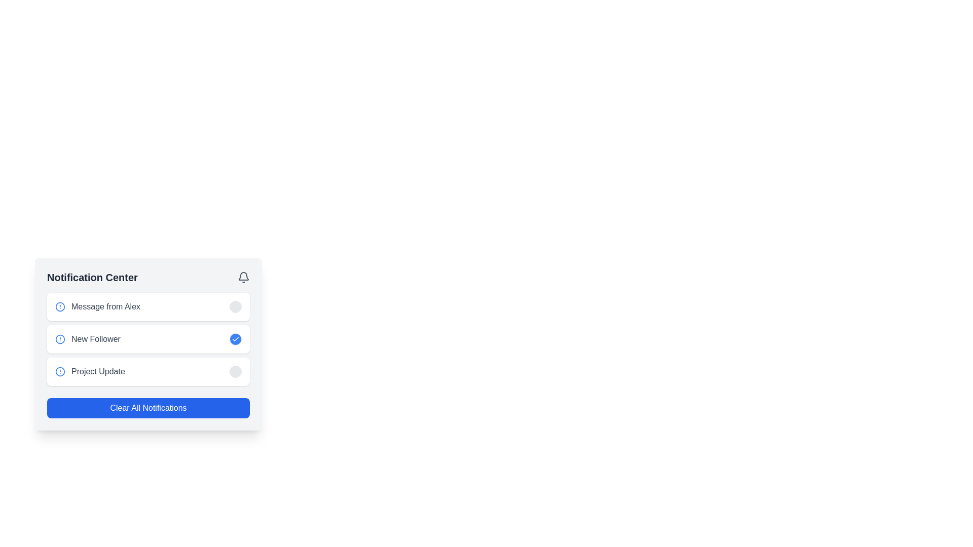 The image size is (973, 547). Describe the element at coordinates (88, 339) in the screenshot. I see `the notification icon for the new follower event, which is the second item in the vertical list of notifications within the 'Notification Center' section` at that location.